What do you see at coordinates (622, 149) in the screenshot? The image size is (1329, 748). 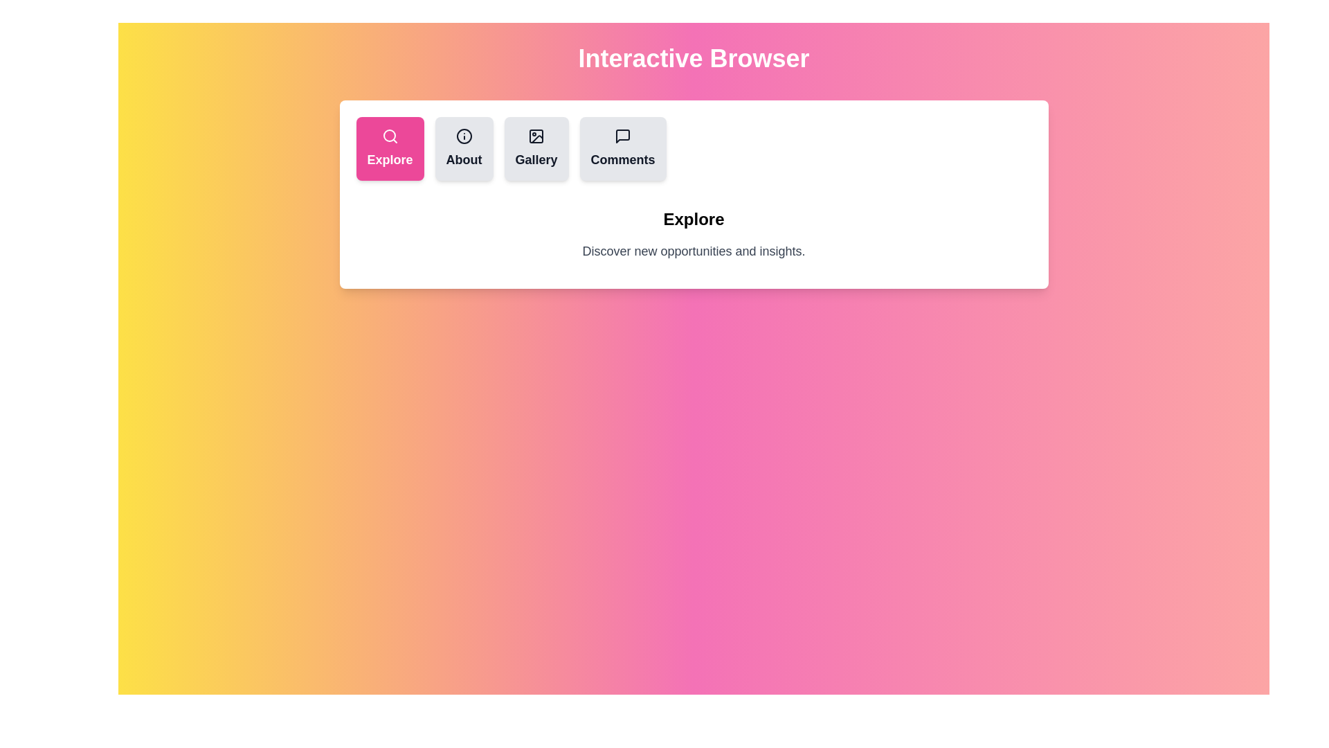 I see `the tab labeled Comments by clicking its button` at bounding box center [622, 149].